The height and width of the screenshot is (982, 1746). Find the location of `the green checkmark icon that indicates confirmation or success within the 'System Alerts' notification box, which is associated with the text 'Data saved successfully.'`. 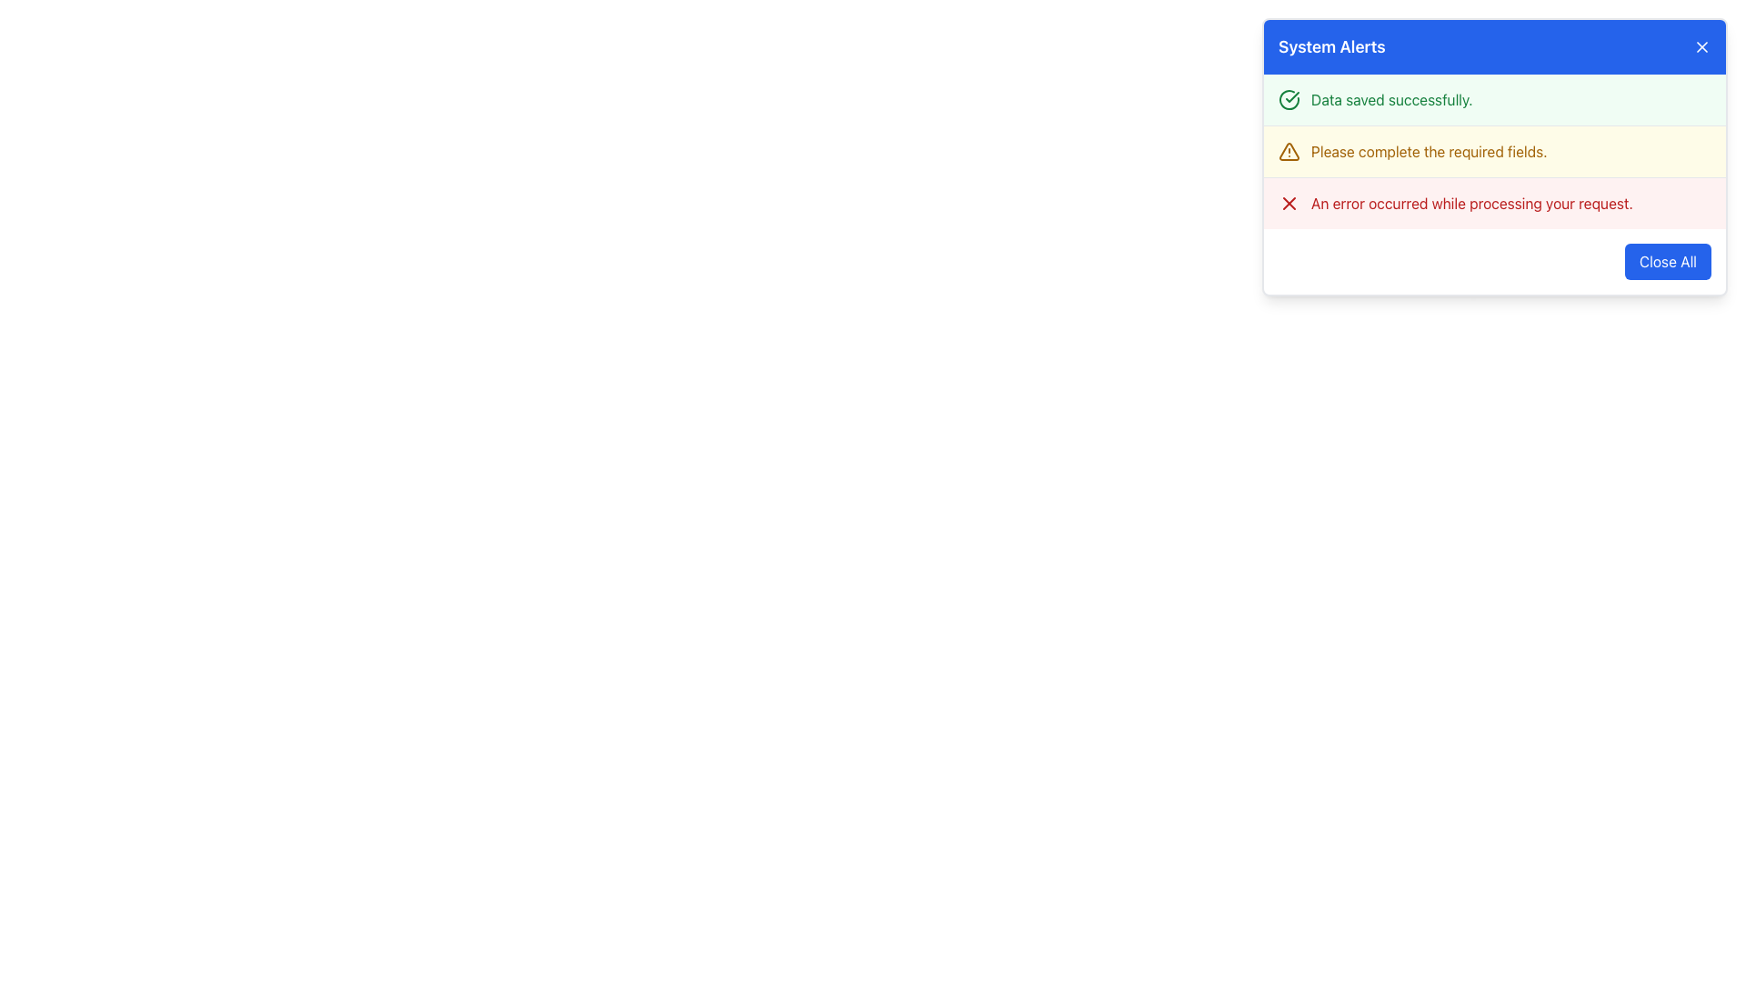

the green checkmark icon that indicates confirmation or success within the 'System Alerts' notification box, which is associated with the text 'Data saved successfully.' is located at coordinates (1291, 97).